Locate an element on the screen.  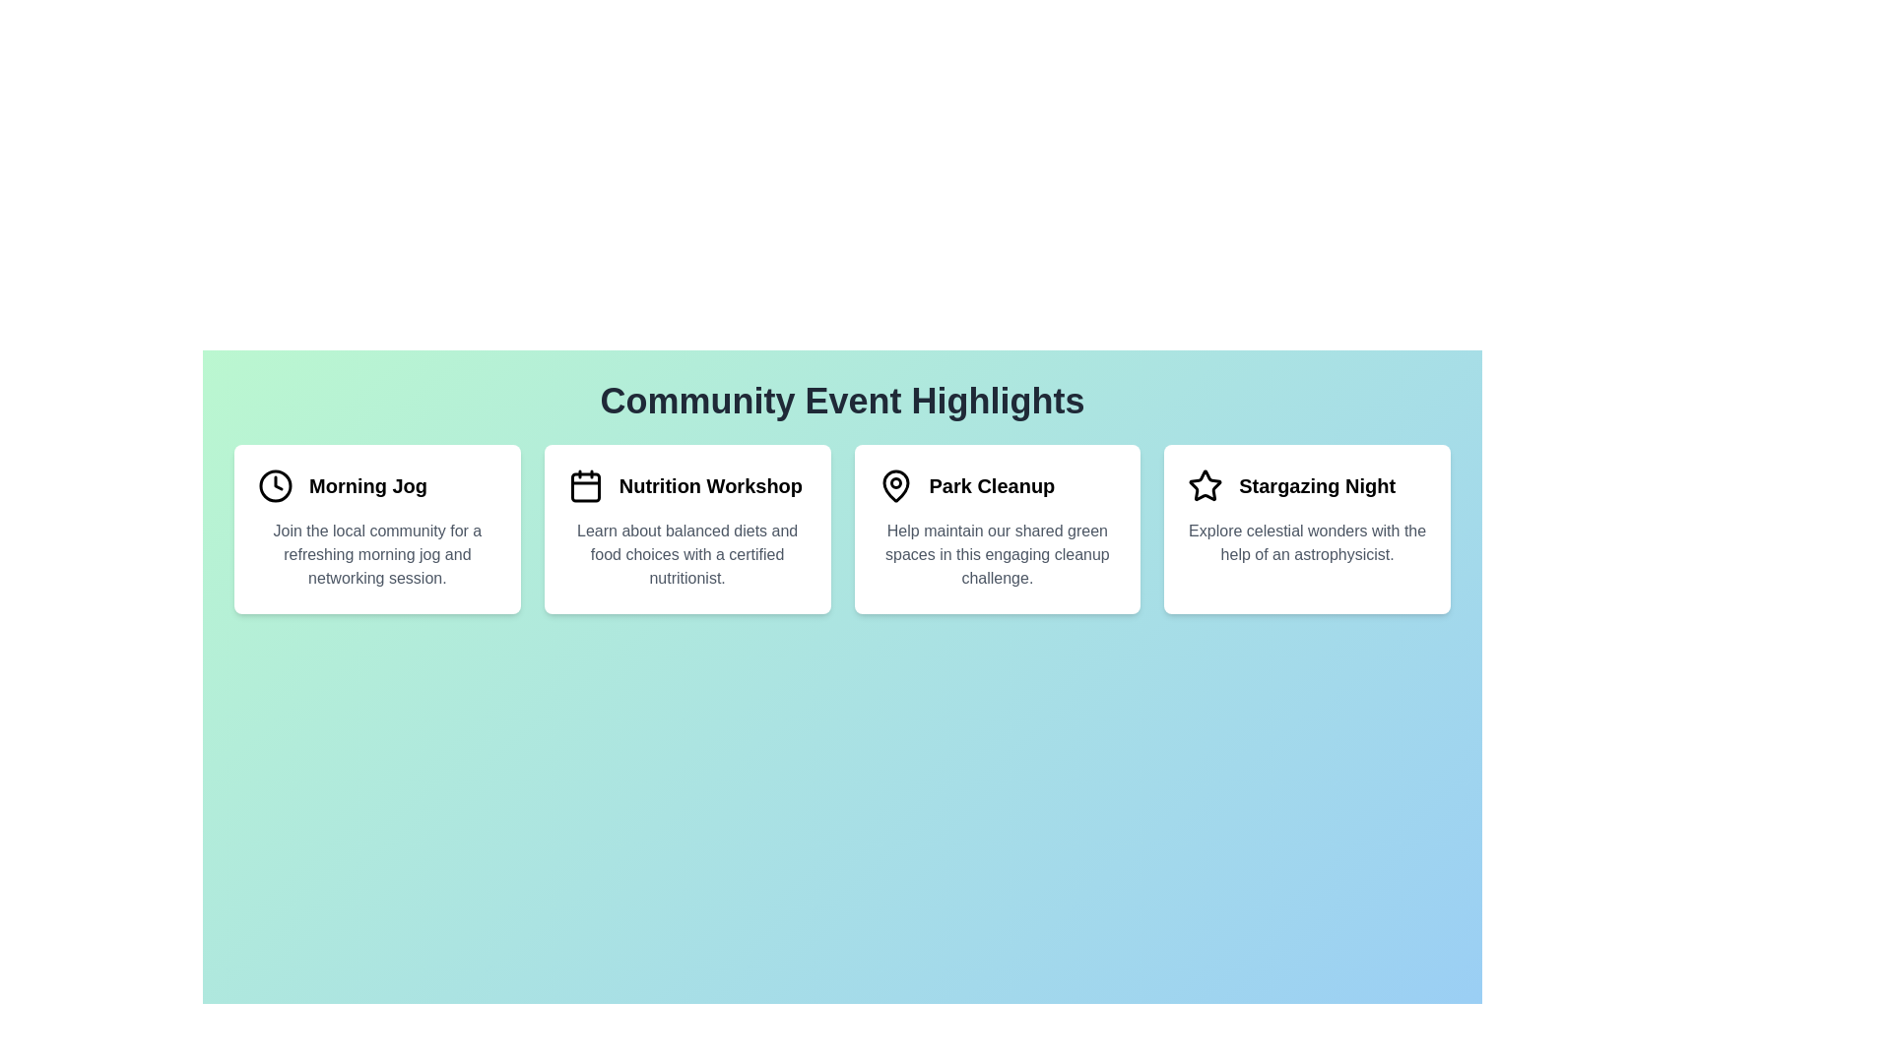
description of the first Informational Card showcasing the morning jog event, which is positioned in the top-left of the grid layout is located at coordinates (377, 528).